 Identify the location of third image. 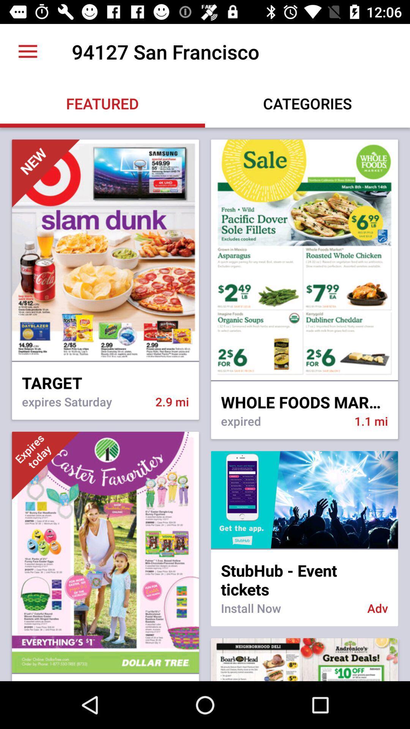
(105, 556).